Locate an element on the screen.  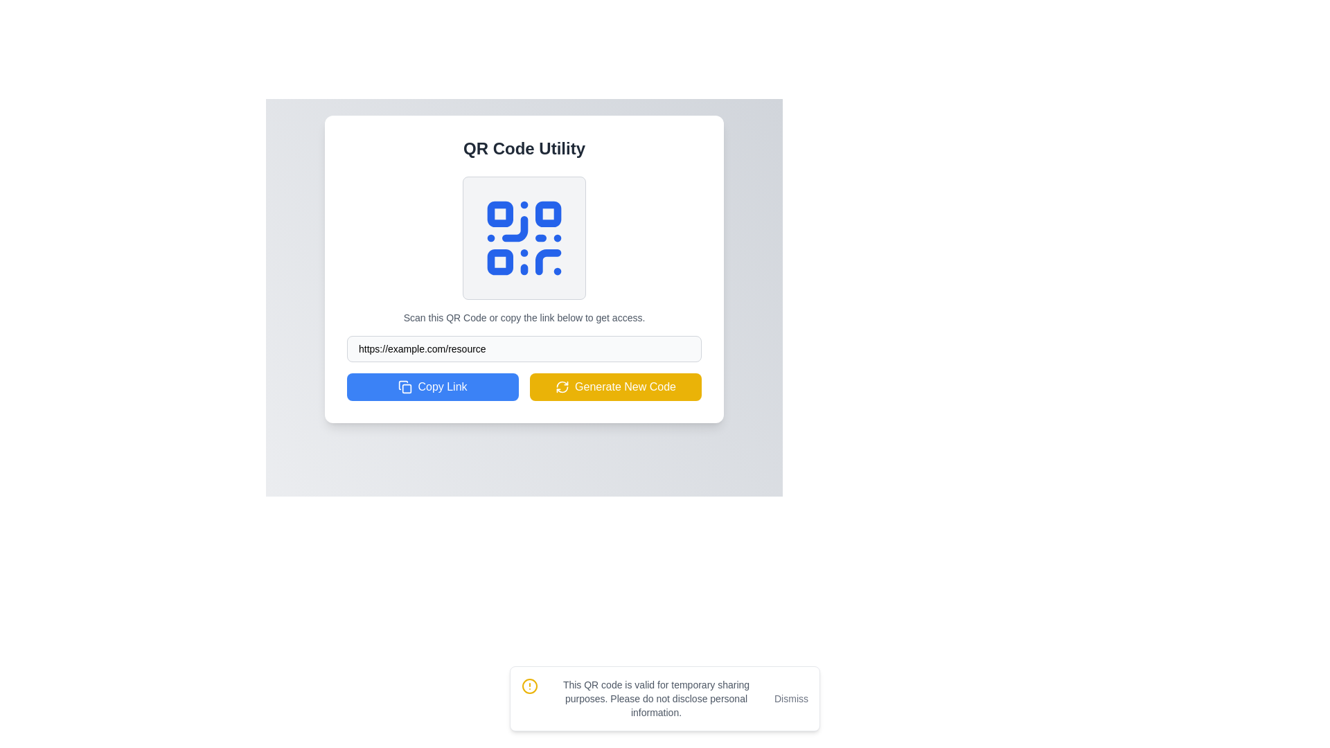
the bottom-left square node of the QR code graphic, which is styled with a blue and white design and has rounded corners is located at coordinates (499, 262).